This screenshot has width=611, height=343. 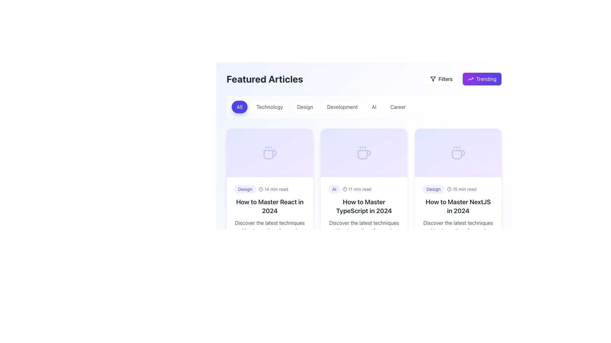 I want to click on the coffee cup icon in the Featured Articles section, located at the center of the first card, so click(x=270, y=154).